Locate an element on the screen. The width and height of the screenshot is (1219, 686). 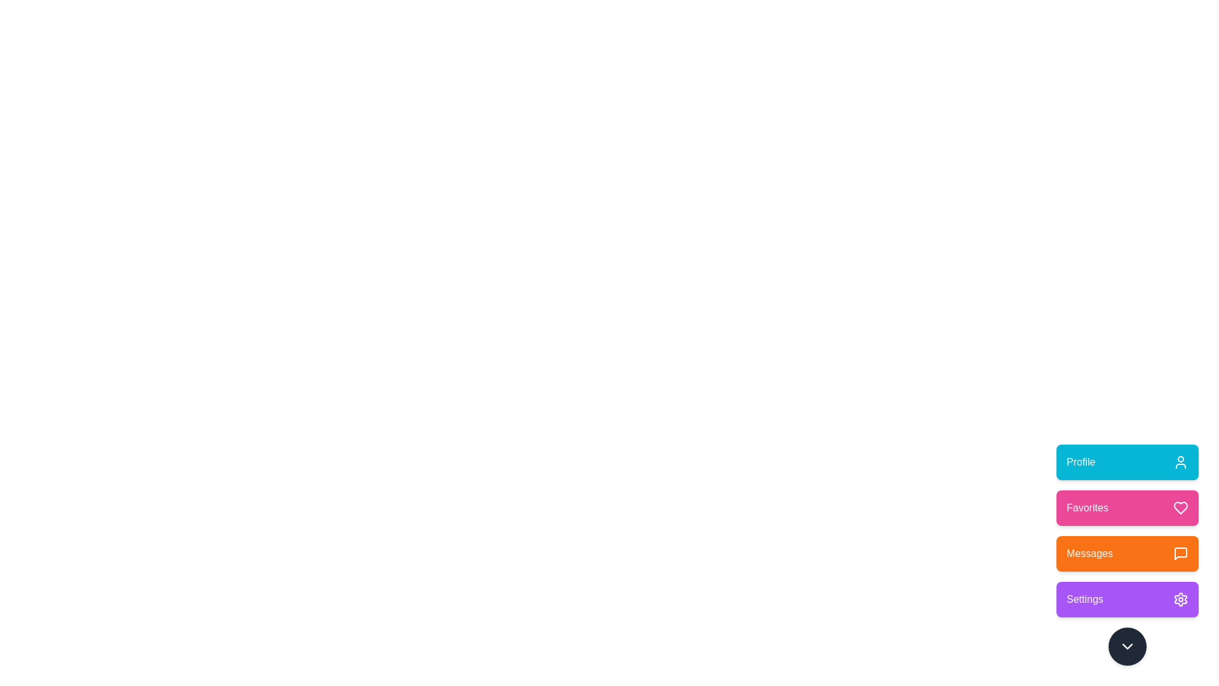
the chevron button to toggle the visibility of the speed dial menu is located at coordinates (1128, 647).